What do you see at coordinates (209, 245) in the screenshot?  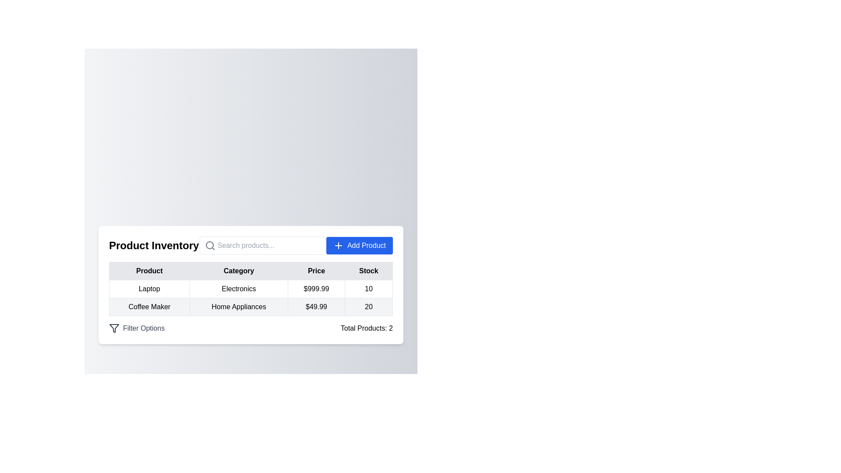 I see `the SVG Circle Component that is part of the search icon, located at the left end of the search bar` at bounding box center [209, 245].